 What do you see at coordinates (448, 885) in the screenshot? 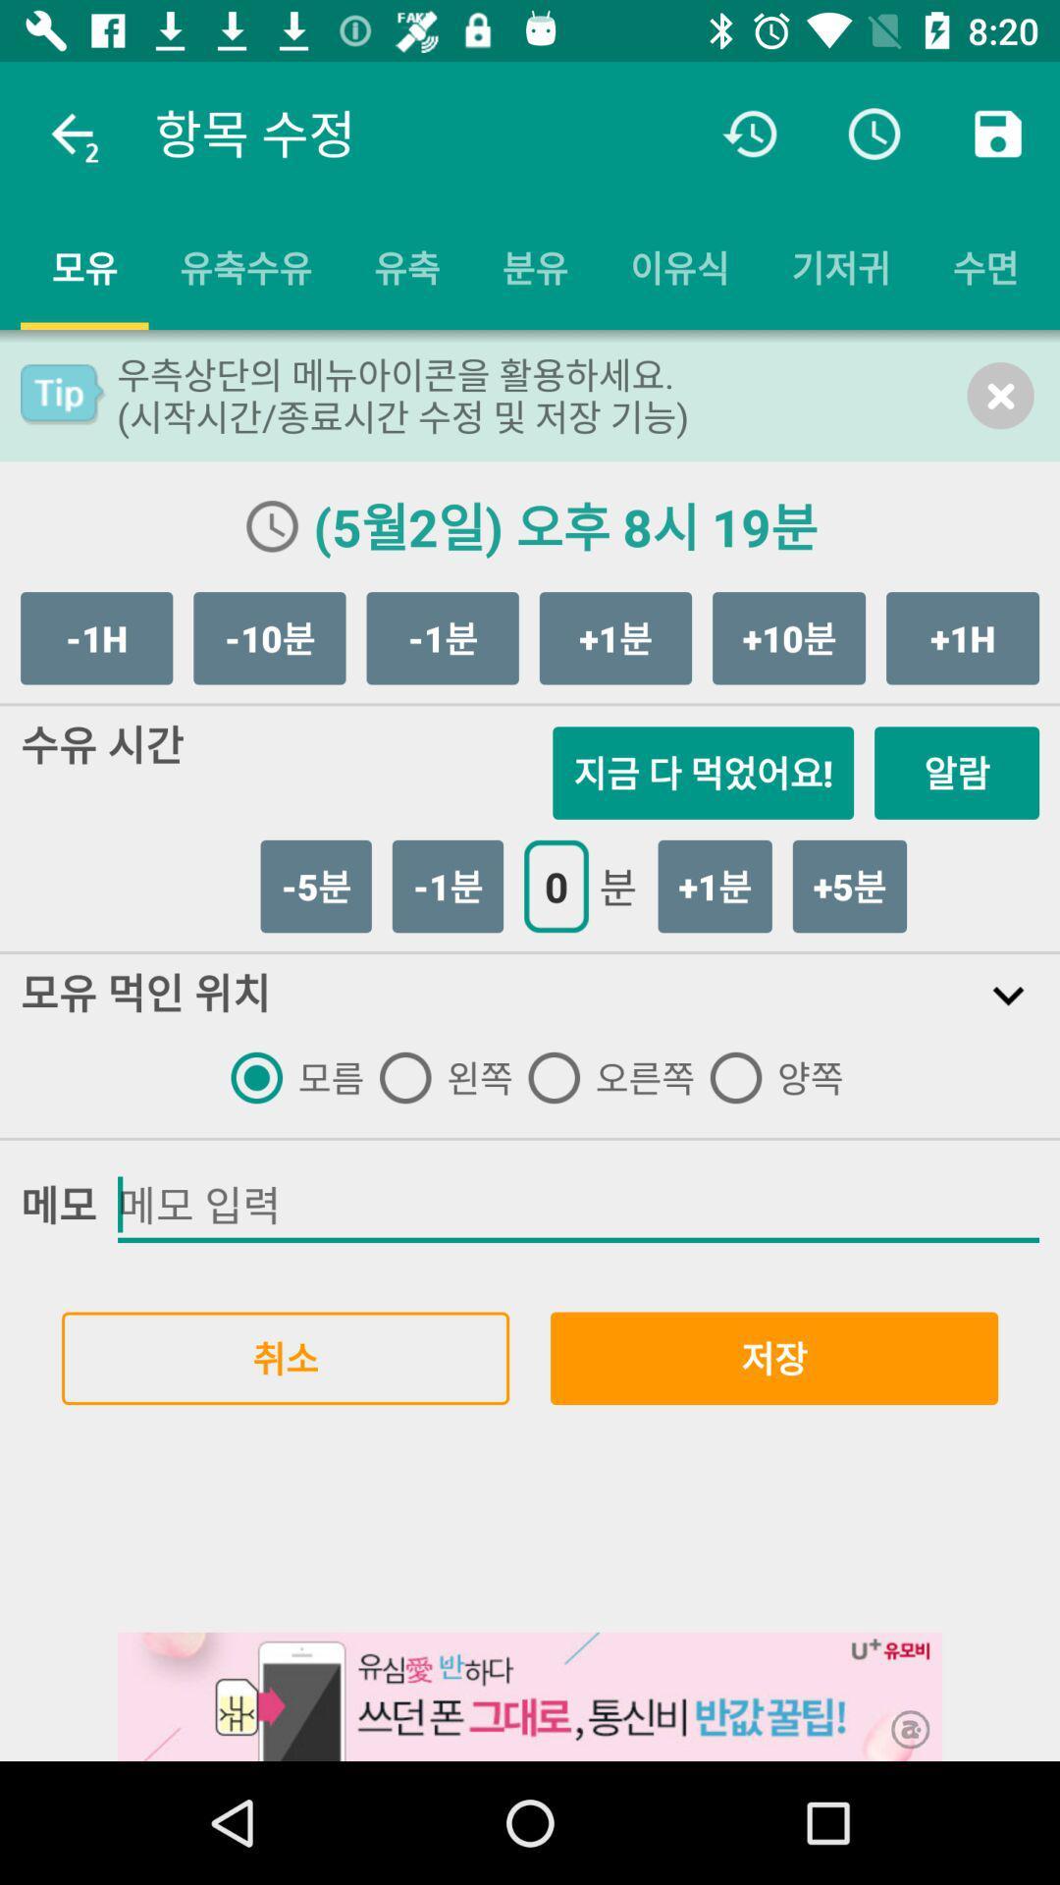
I see `the 1 button which is left to the button 0` at bounding box center [448, 885].